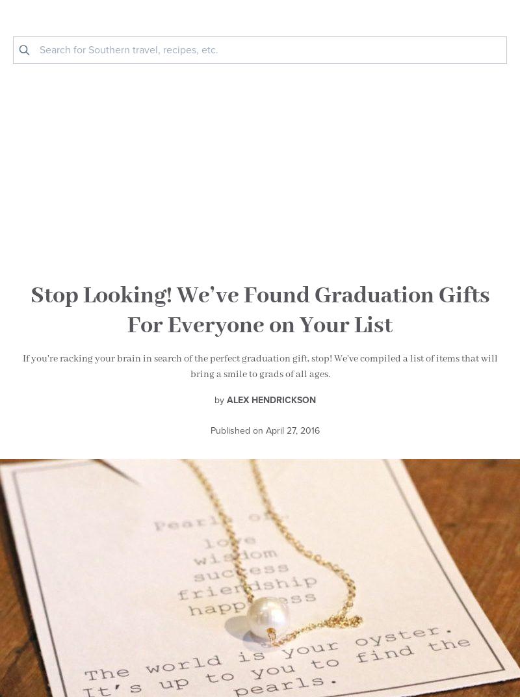 The image size is (520, 697). I want to click on 'Red bicycle, $425, at', so click(49, 328).